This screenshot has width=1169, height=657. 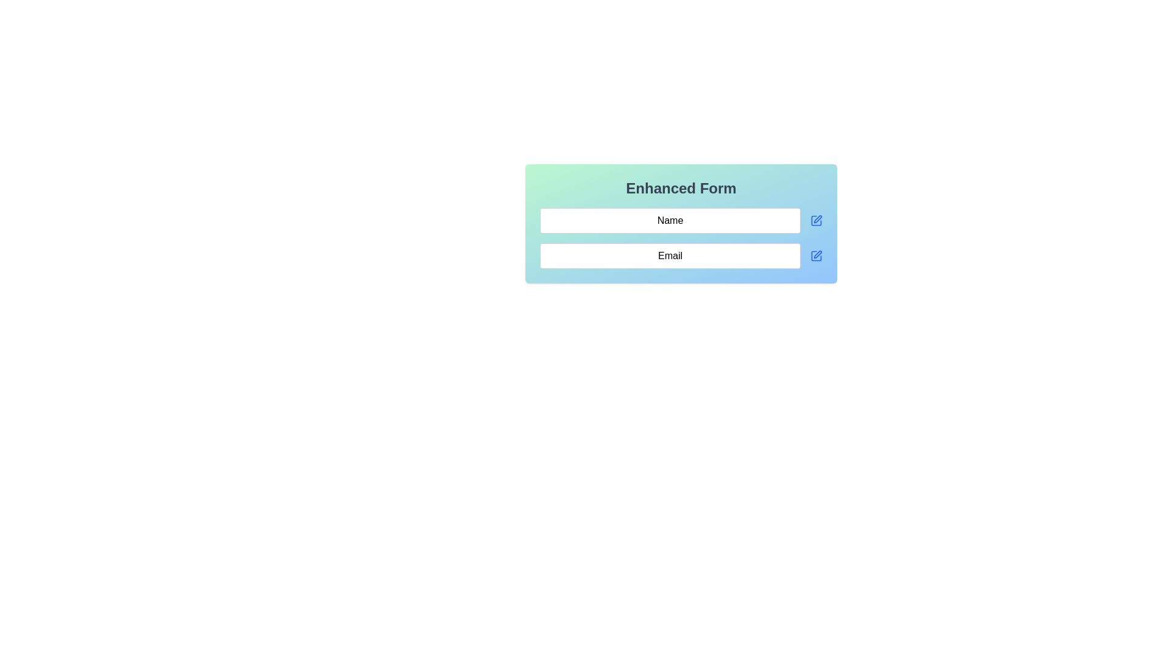 I want to click on the edit icon button located at the right side of the email input field in the 'Enhanced Form', so click(x=818, y=254).